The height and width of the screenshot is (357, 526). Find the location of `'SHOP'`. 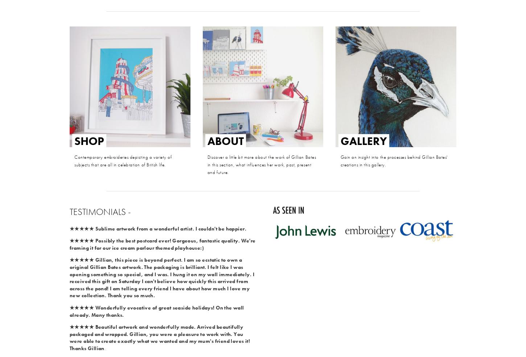

'SHOP' is located at coordinates (89, 141).